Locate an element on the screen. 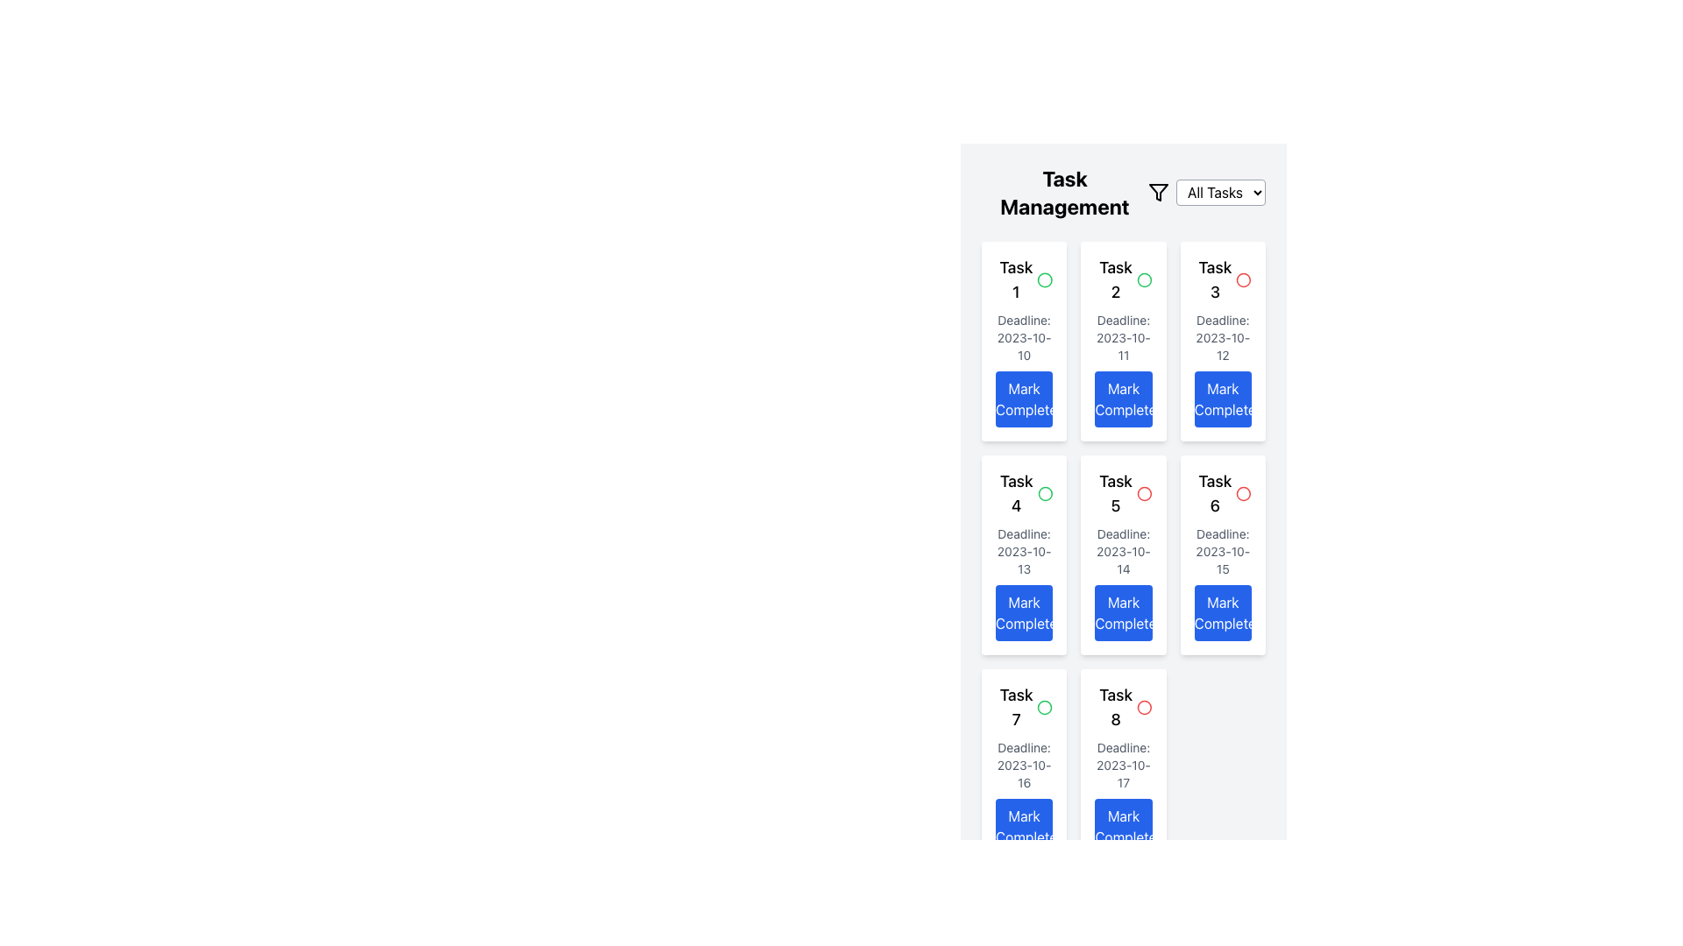 This screenshot has width=1683, height=946. the blue button labeled 'Mark Completed' located at the bottom of the 'Task 1' card to mark the task as completed is located at coordinates (1023, 399).